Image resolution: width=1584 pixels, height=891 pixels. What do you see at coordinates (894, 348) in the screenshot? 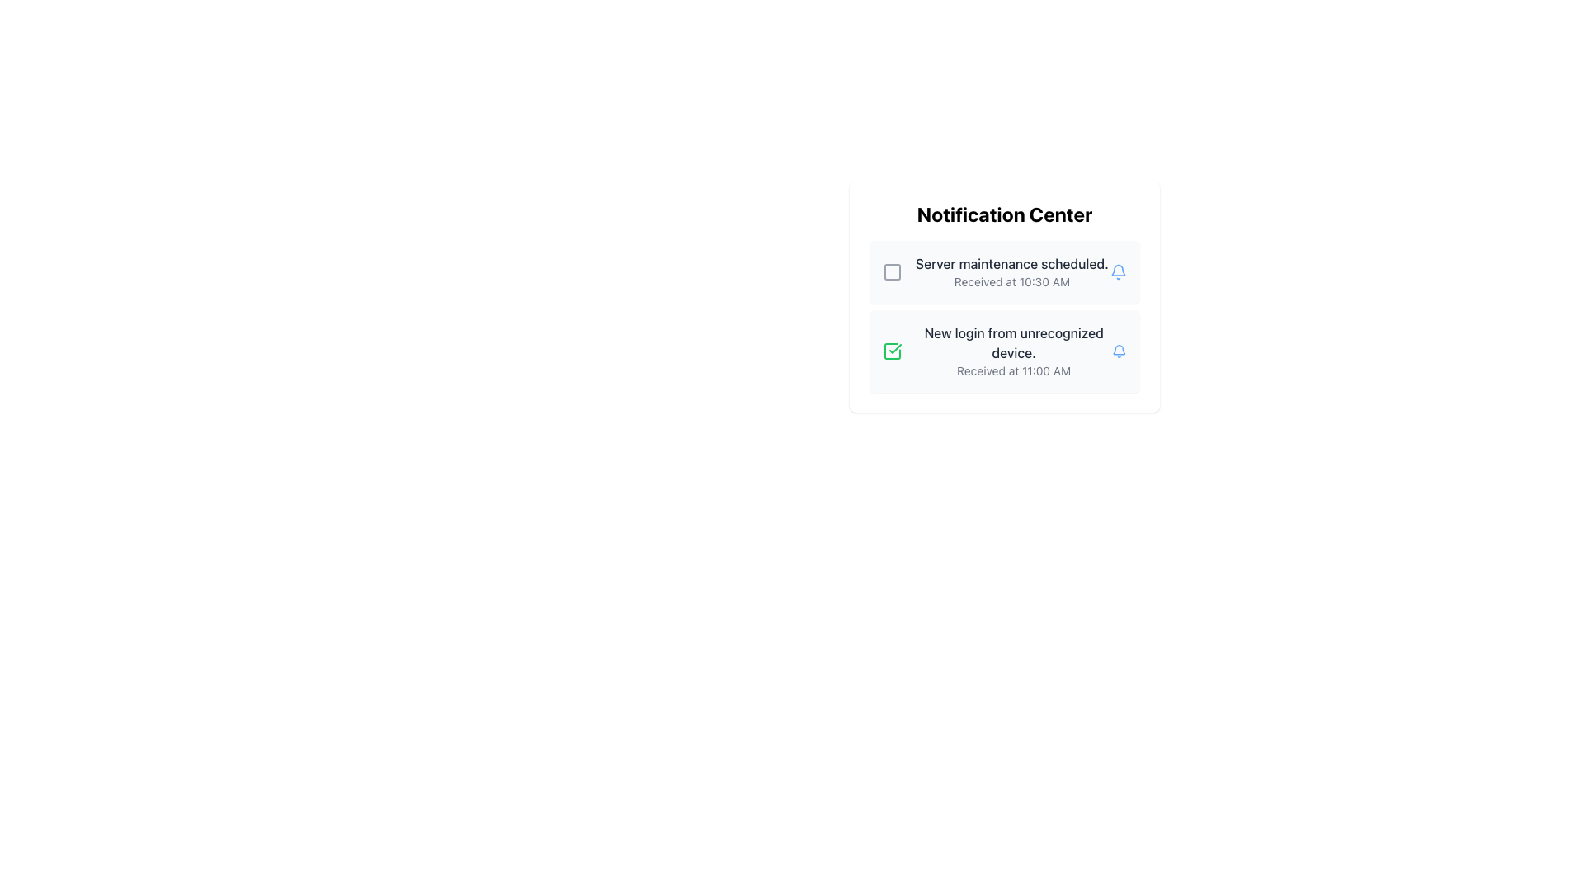
I see `the graphical checkmark icon used for confirmation, located to the left of the 'New login from unrecognized device' notification text in the notification panel` at bounding box center [894, 348].